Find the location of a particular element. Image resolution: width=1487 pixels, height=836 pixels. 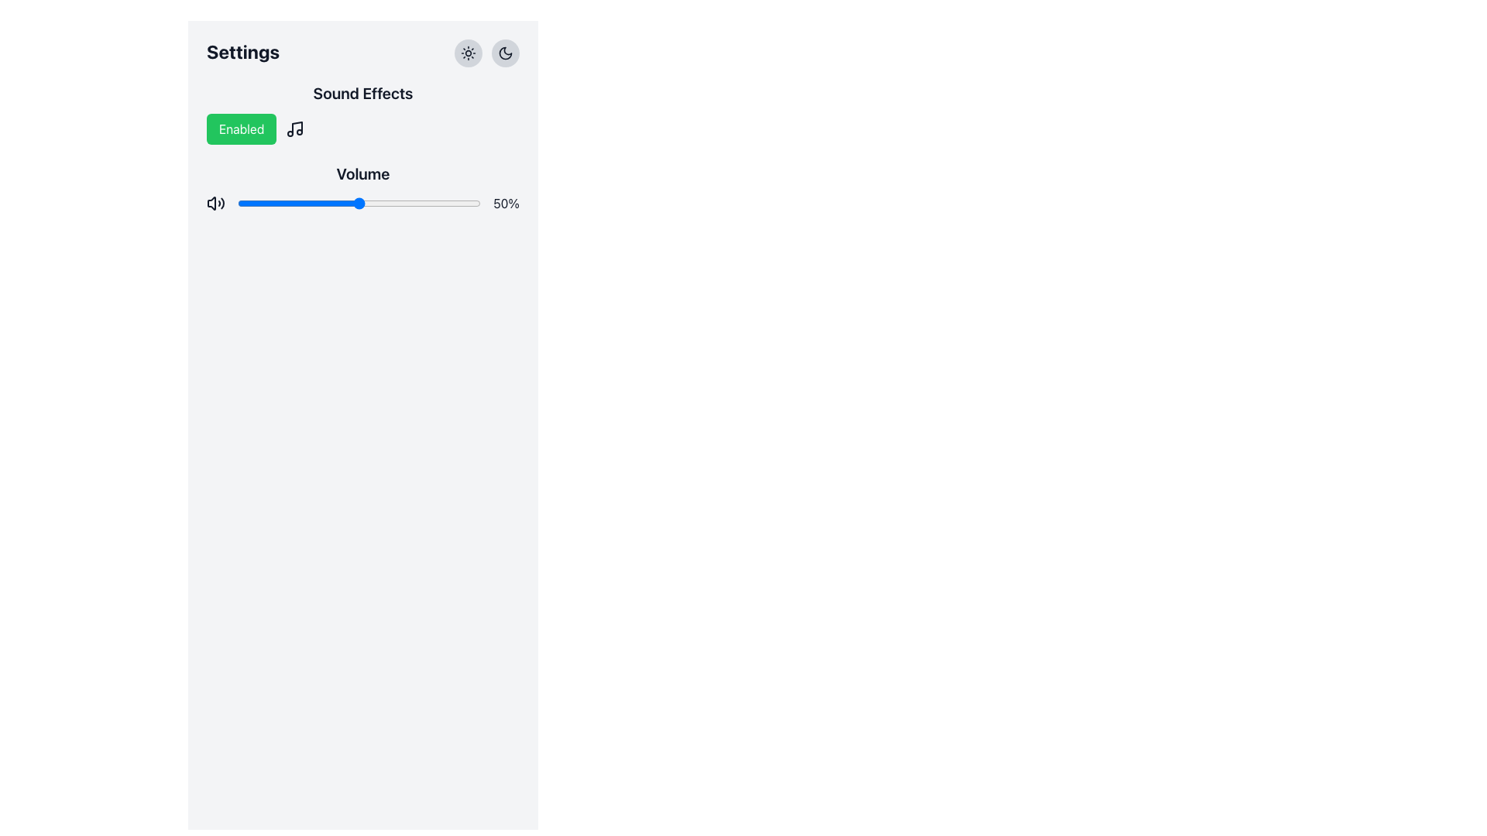

the volume is located at coordinates (288, 202).